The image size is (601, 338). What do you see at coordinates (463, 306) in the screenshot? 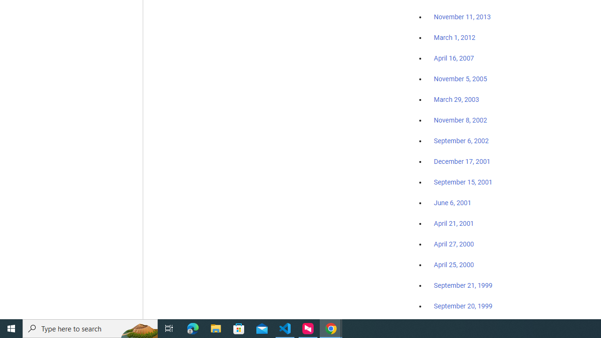
I see `'September 20, 1999'` at bounding box center [463, 306].